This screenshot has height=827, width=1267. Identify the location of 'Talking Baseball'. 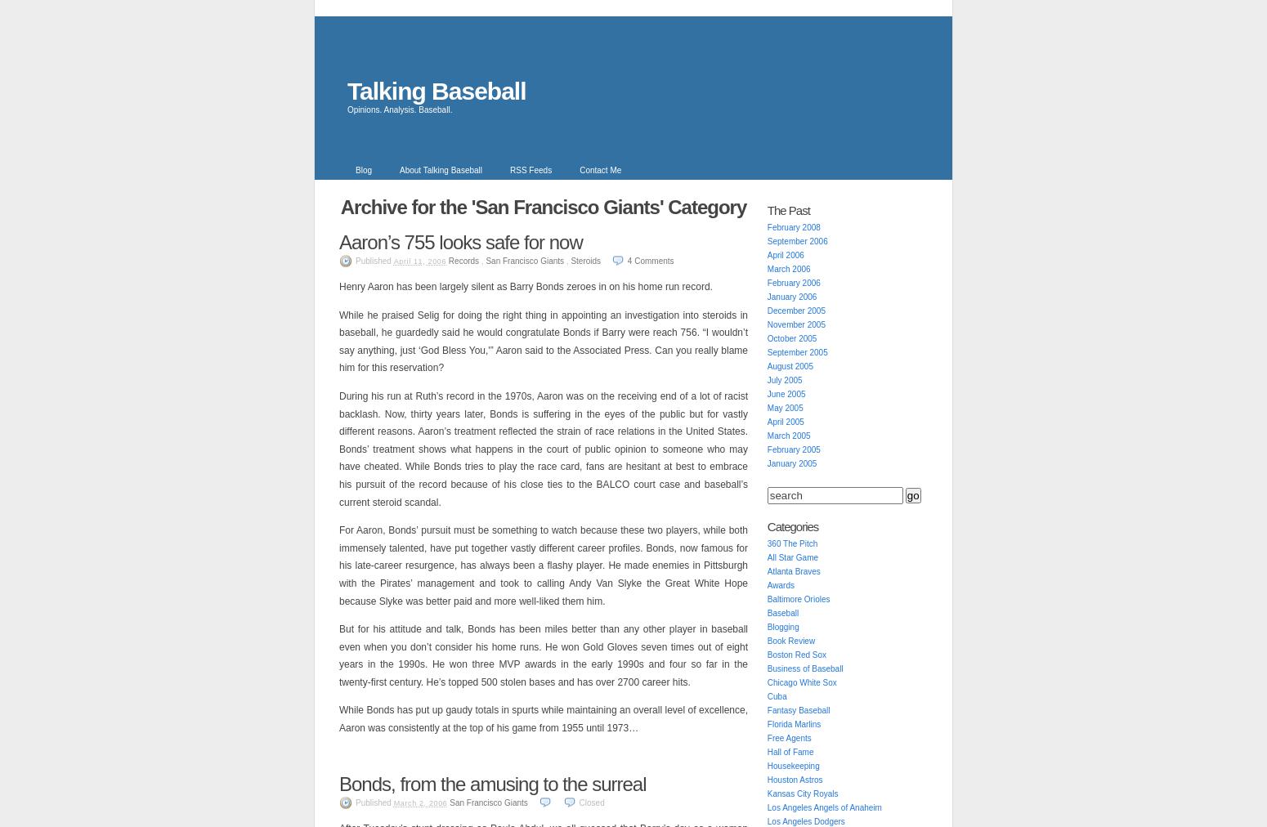
(435, 90).